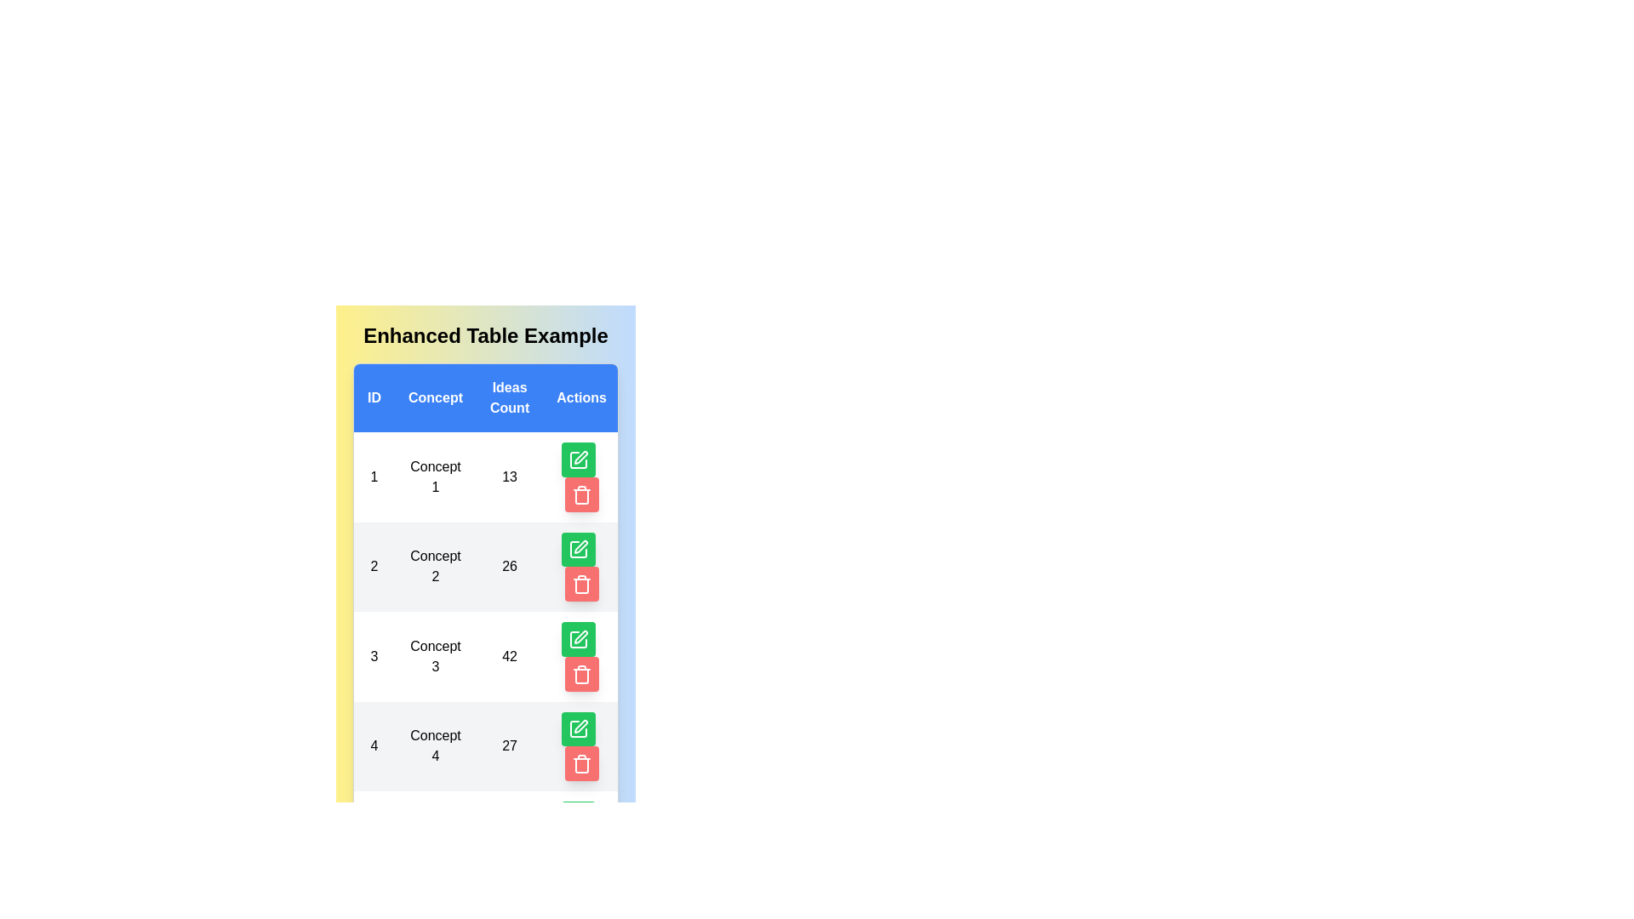  I want to click on the header of the column Actions to sort the table by that column, so click(580, 397).